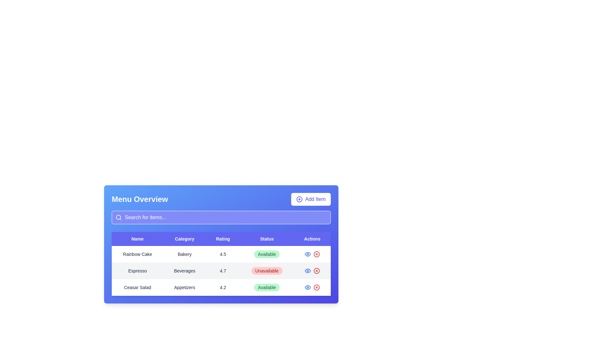 Image resolution: width=613 pixels, height=345 pixels. What do you see at coordinates (223, 254) in the screenshot?
I see `the centered text label '4.5' in the third column of the first row in the 'Menu Overview' data table, which is under the 'Rating' header` at bounding box center [223, 254].